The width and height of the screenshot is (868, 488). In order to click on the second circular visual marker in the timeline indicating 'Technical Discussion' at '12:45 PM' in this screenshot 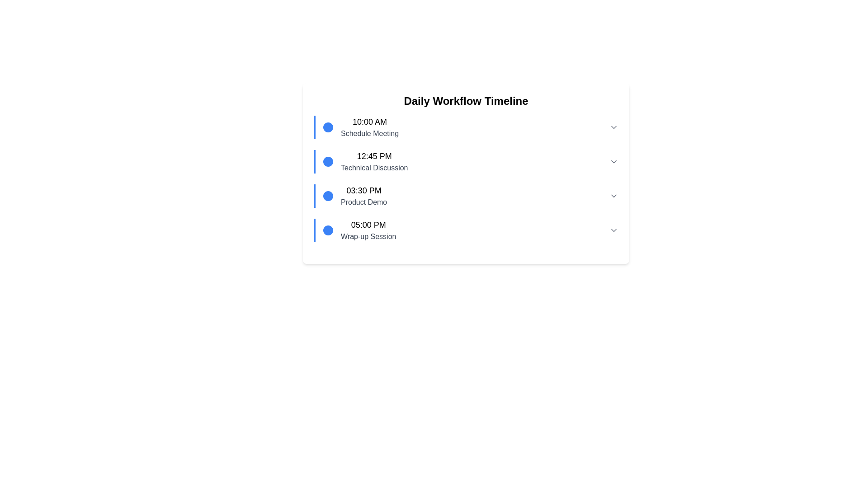, I will do `click(327, 161)`.